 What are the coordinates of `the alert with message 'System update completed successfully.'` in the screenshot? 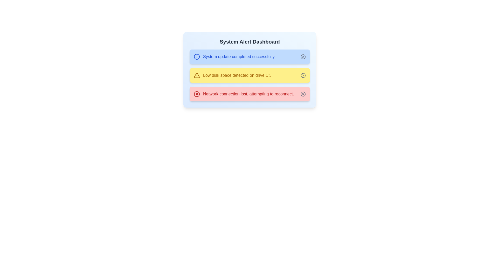 It's located at (234, 57).